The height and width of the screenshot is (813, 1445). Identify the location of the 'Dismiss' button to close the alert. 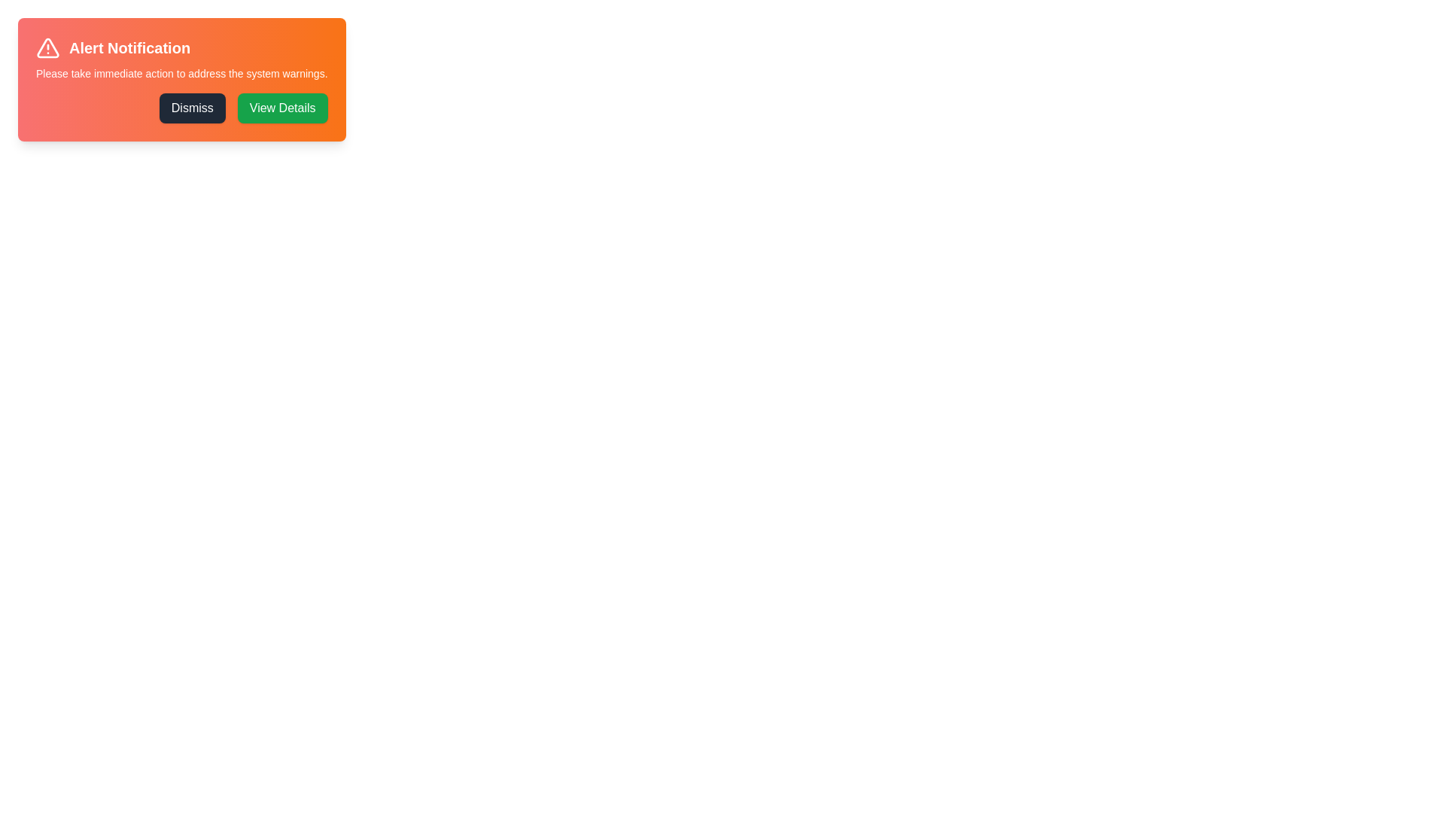
(191, 107).